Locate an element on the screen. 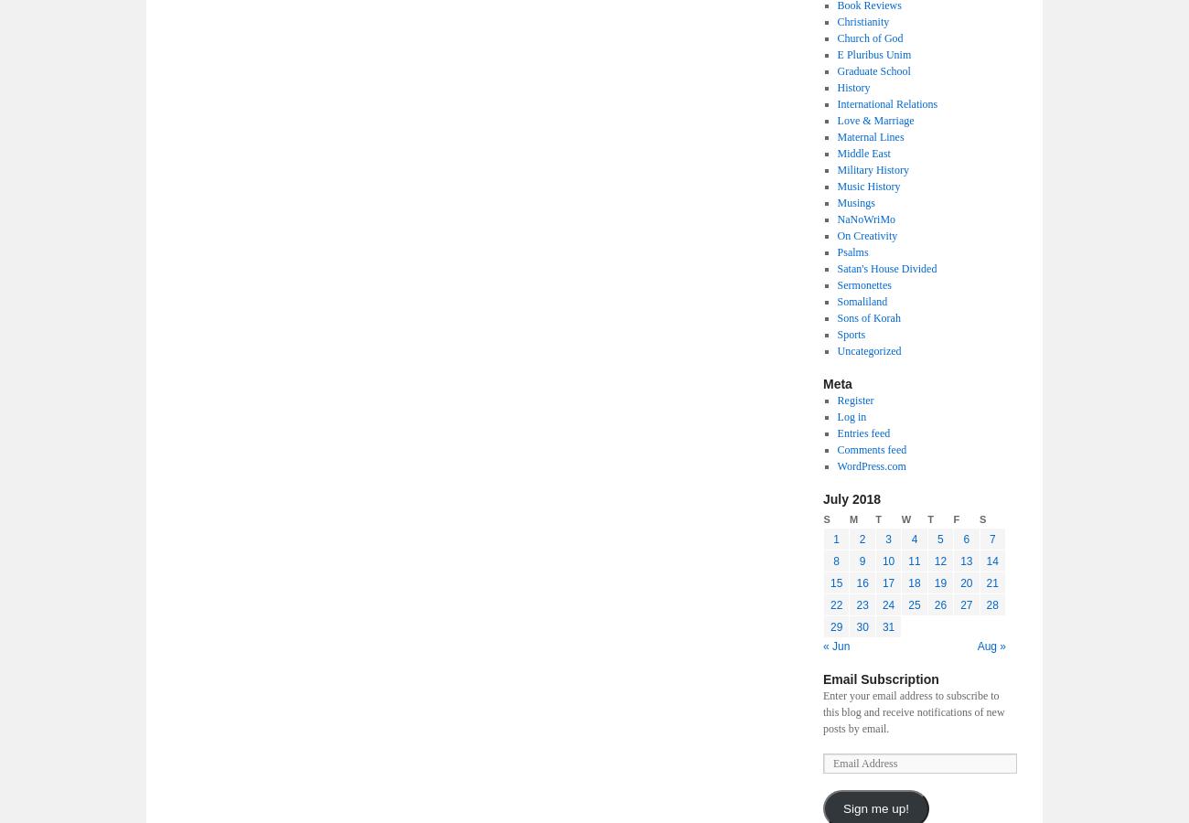 The image size is (1189, 823). '31' is located at coordinates (881, 625).